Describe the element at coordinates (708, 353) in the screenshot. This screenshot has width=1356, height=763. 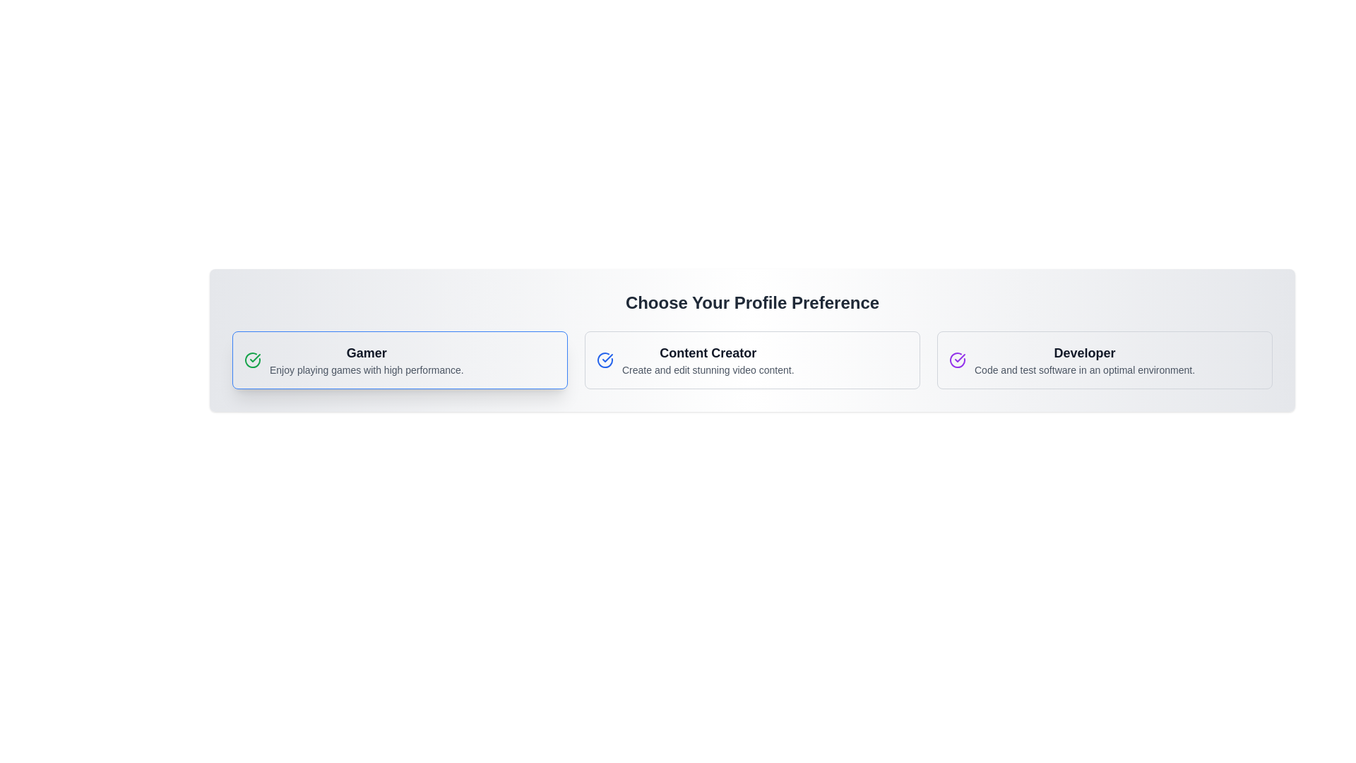
I see `the text label displaying 'Content Creator' in bold, dark-gray font, centrally located among profile options` at that location.